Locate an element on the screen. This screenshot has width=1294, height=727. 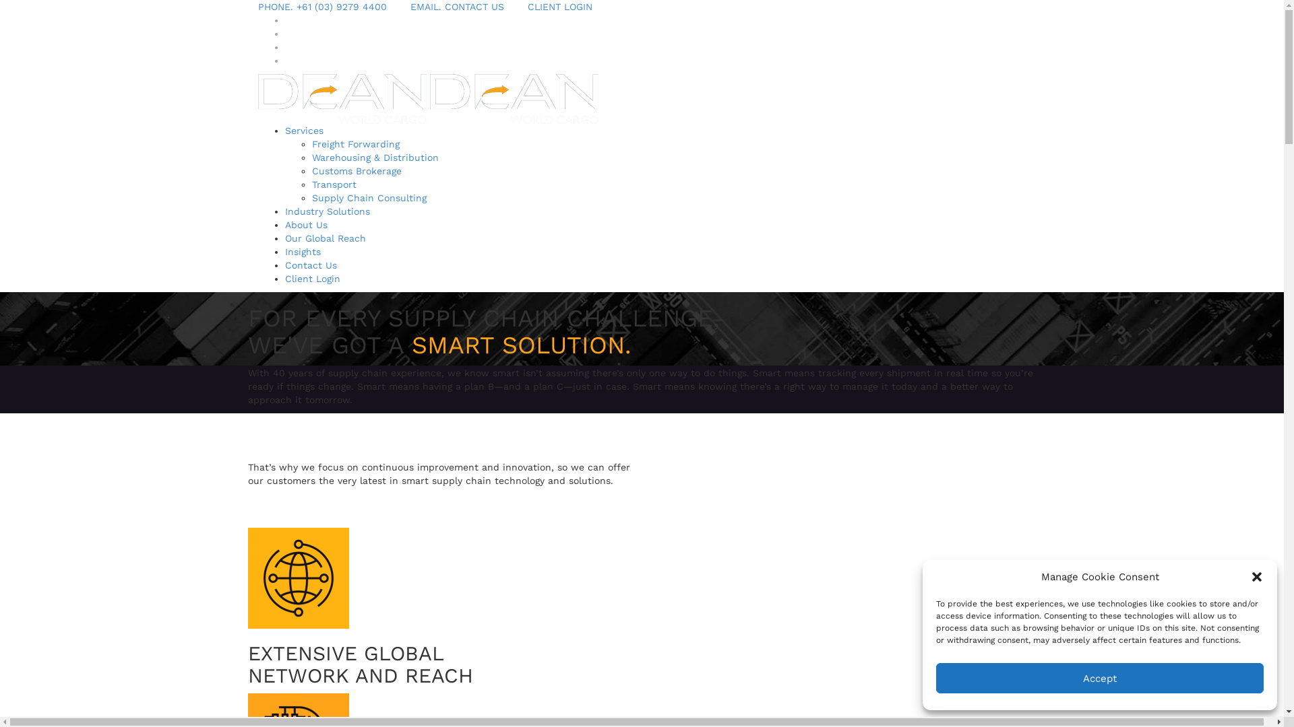
'Warehousing & Distribution' is located at coordinates (375, 157).